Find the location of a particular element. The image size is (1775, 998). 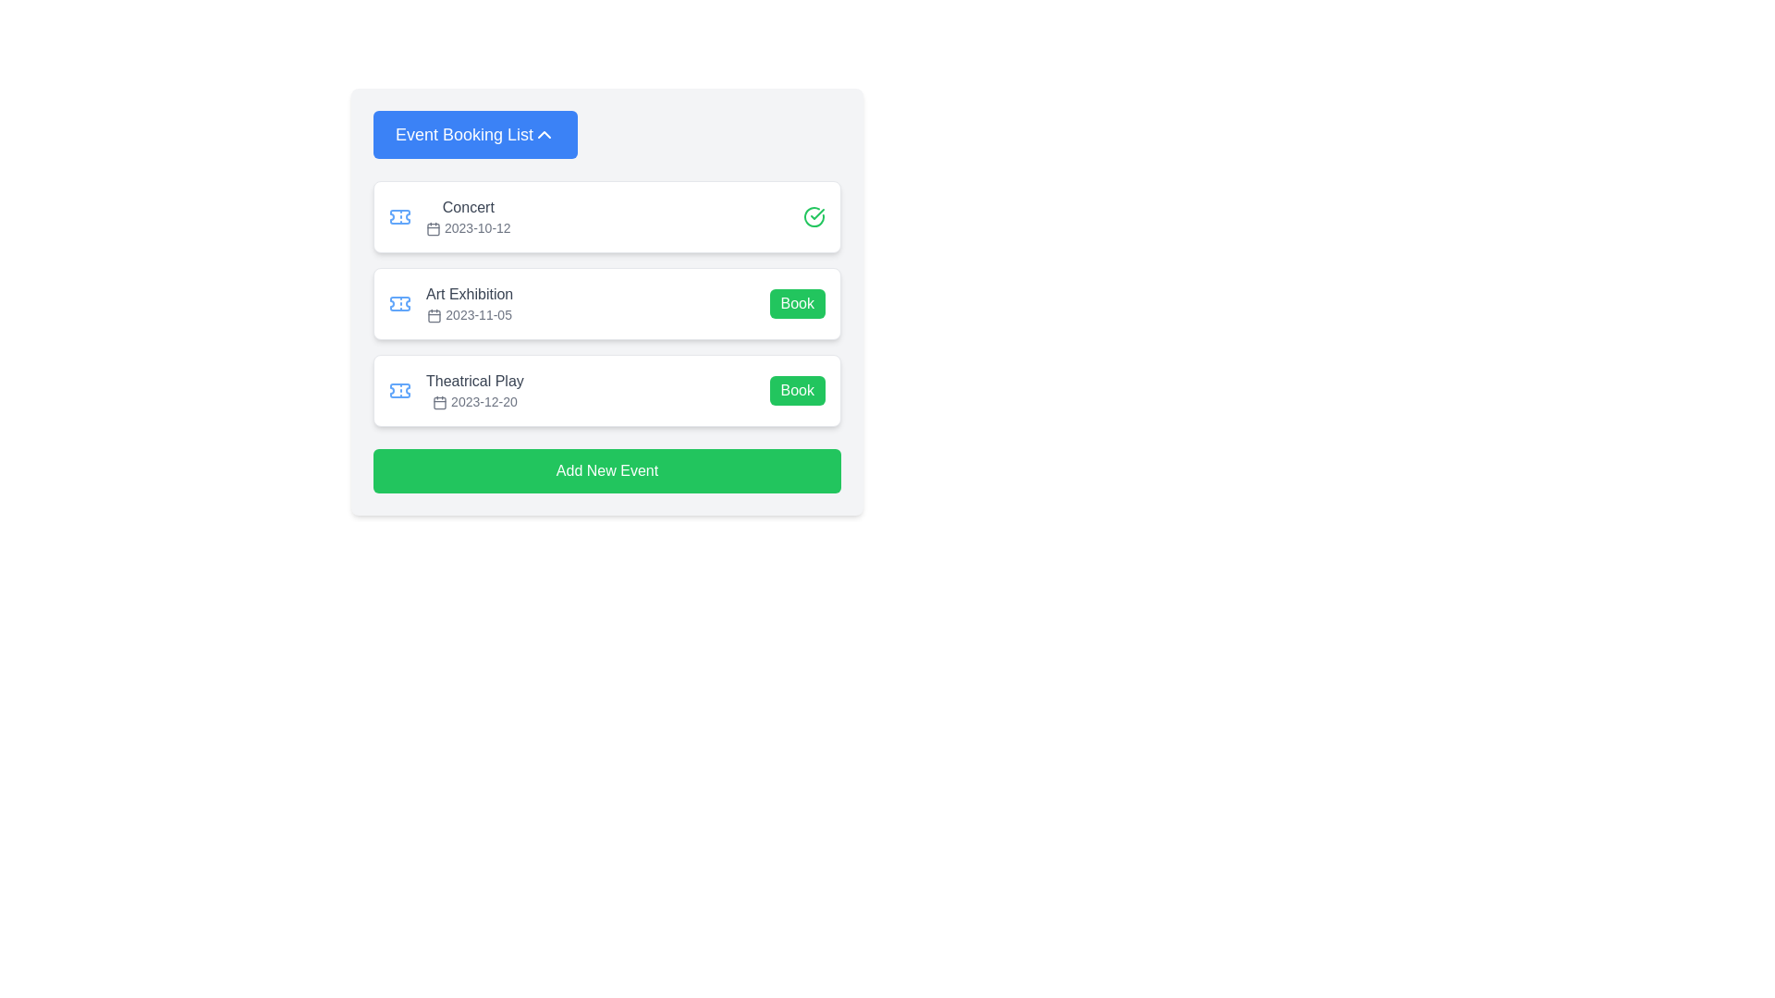

the text label with an accompanying icon representing the date of the 'Theatrical Play' event located below the event title in the card-like structure is located at coordinates (474, 401).